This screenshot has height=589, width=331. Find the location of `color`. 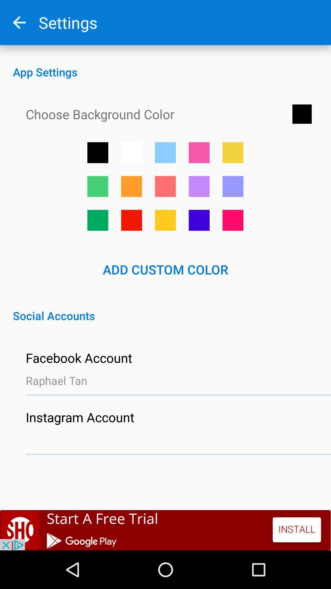

color is located at coordinates (97, 220).